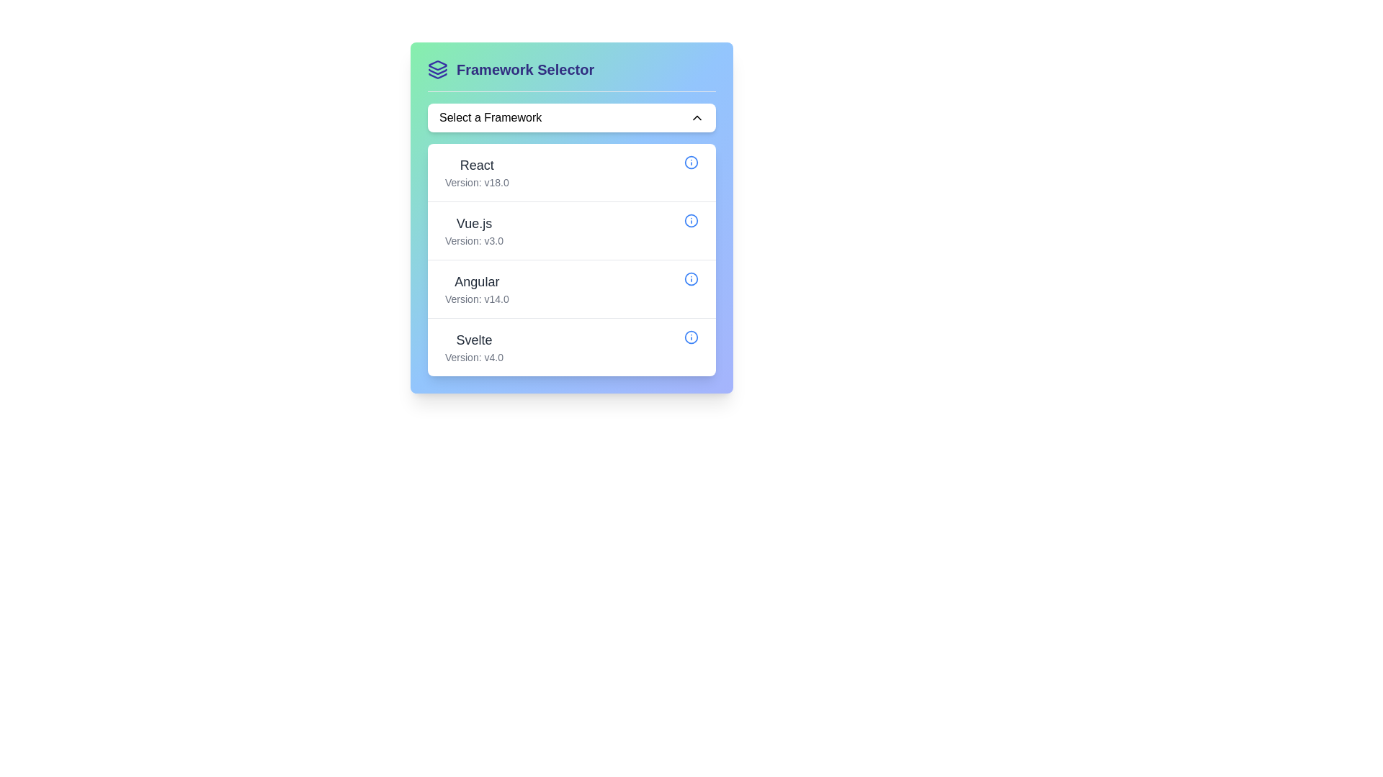  What do you see at coordinates (570, 117) in the screenshot?
I see `the Dropdown button labeled 'Select a Framework' within the 'Framework Selector' card` at bounding box center [570, 117].